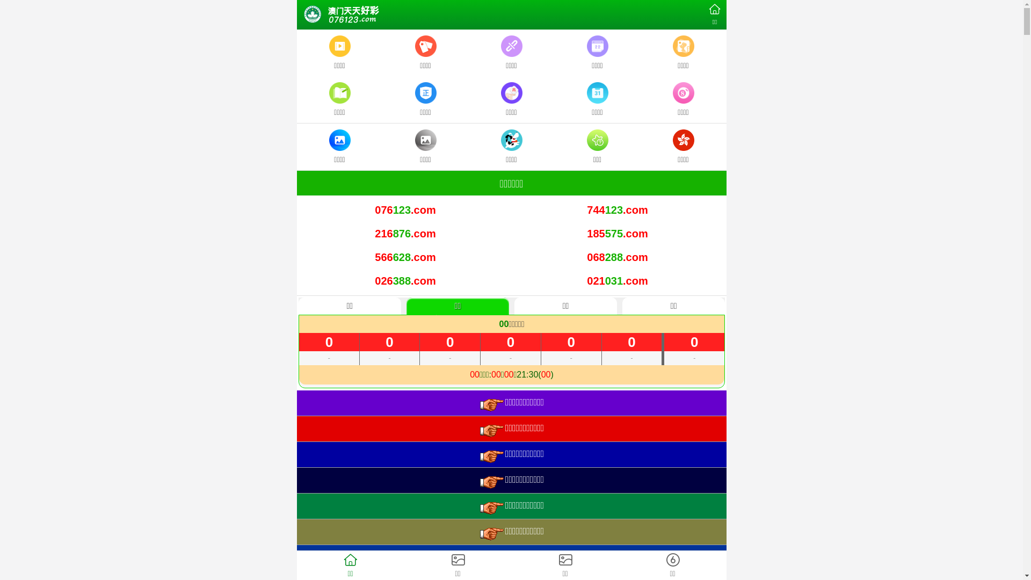  I want to click on '026388.com', so click(299, 281).